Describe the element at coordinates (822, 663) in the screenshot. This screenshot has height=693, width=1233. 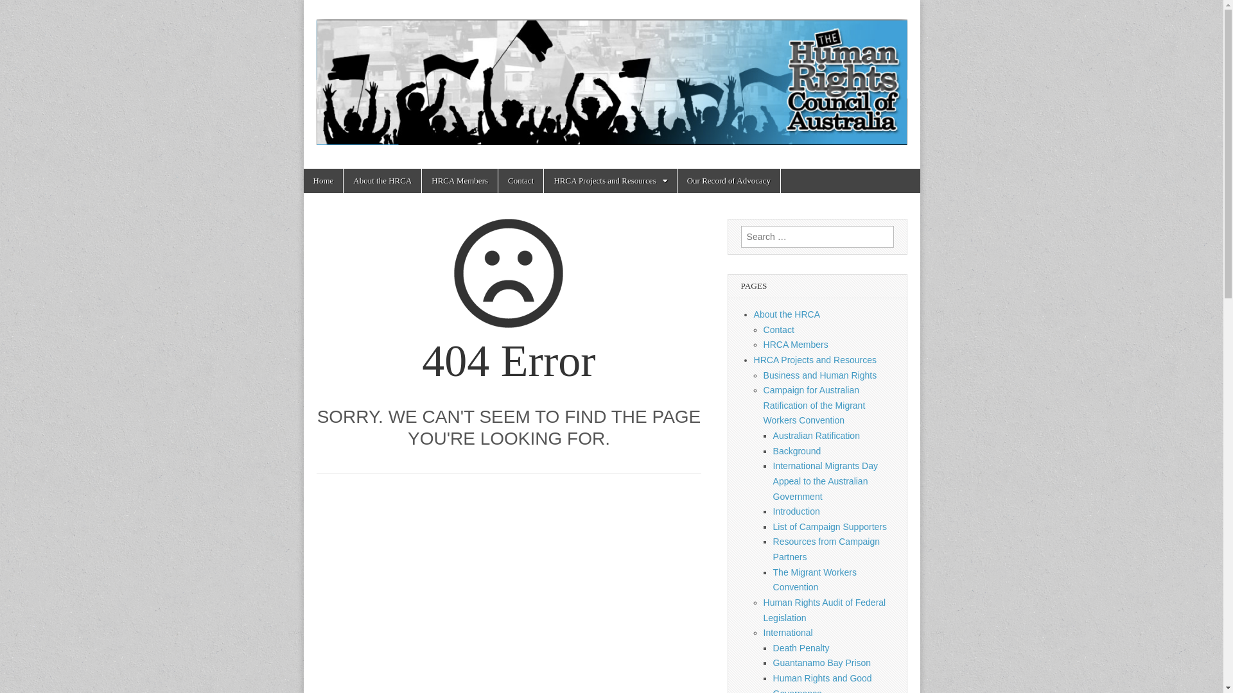
I see `'Guantanamo Bay Prison'` at that location.